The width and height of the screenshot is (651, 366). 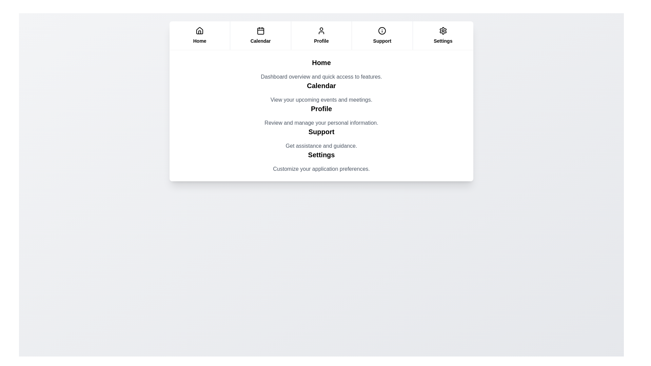 What do you see at coordinates (321, 35) in the screenshot?
I see `the Navigation tab located in the middle of the horizontal navigation bar` at bounding box center [321, 35].